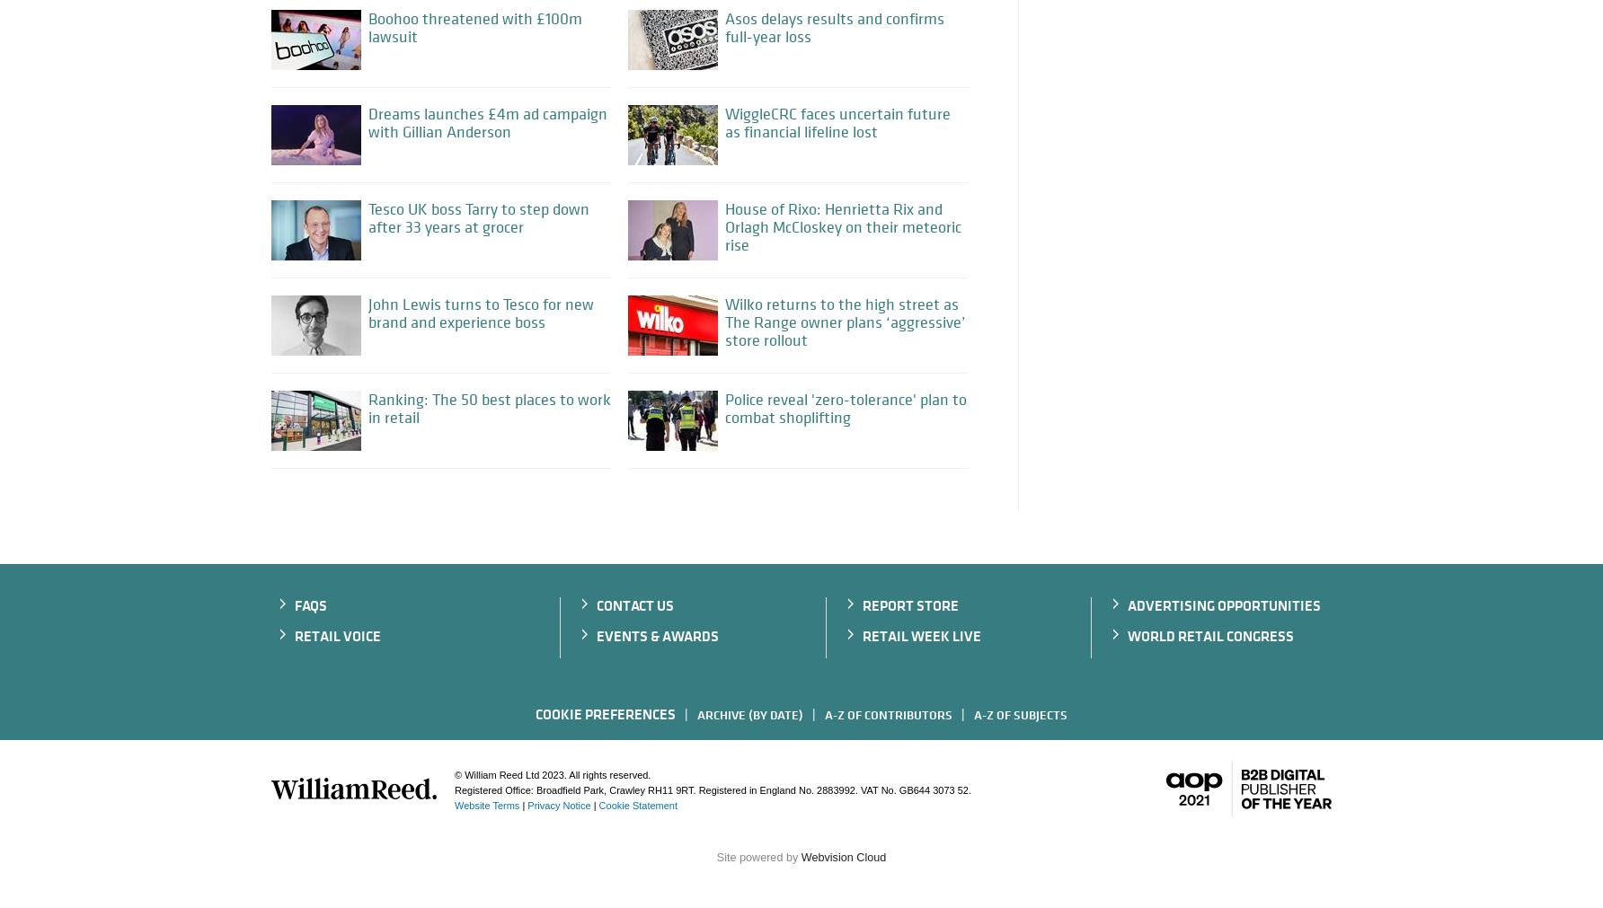  What do you see at coordinates (558, 805) in the screenshot?
I see `'Privacy Notice'` at bounding box center [558, 805].